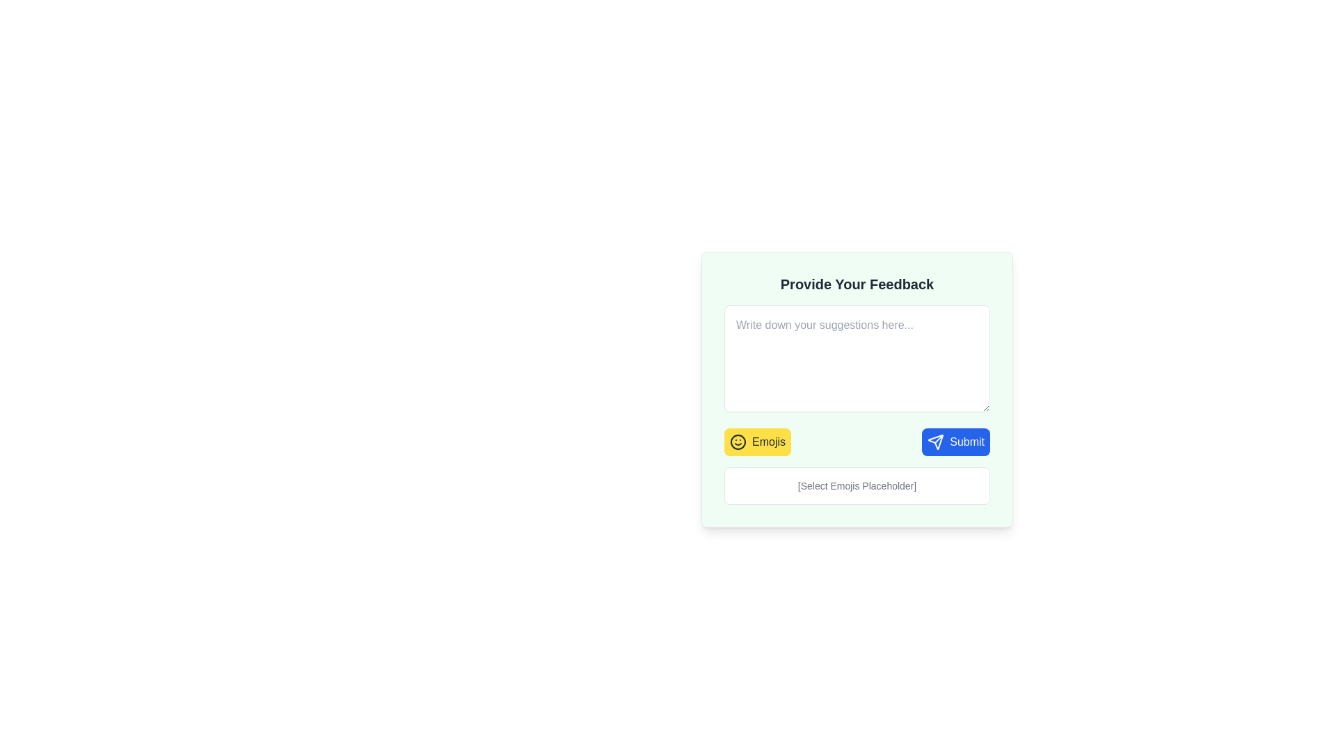 This screenshot has width=1336, height=751. Describe the element at coordinates (757, 442) in the screenshot. I see `the 'Emojis' button, which has a yellow background and a smiley icon` at that location.